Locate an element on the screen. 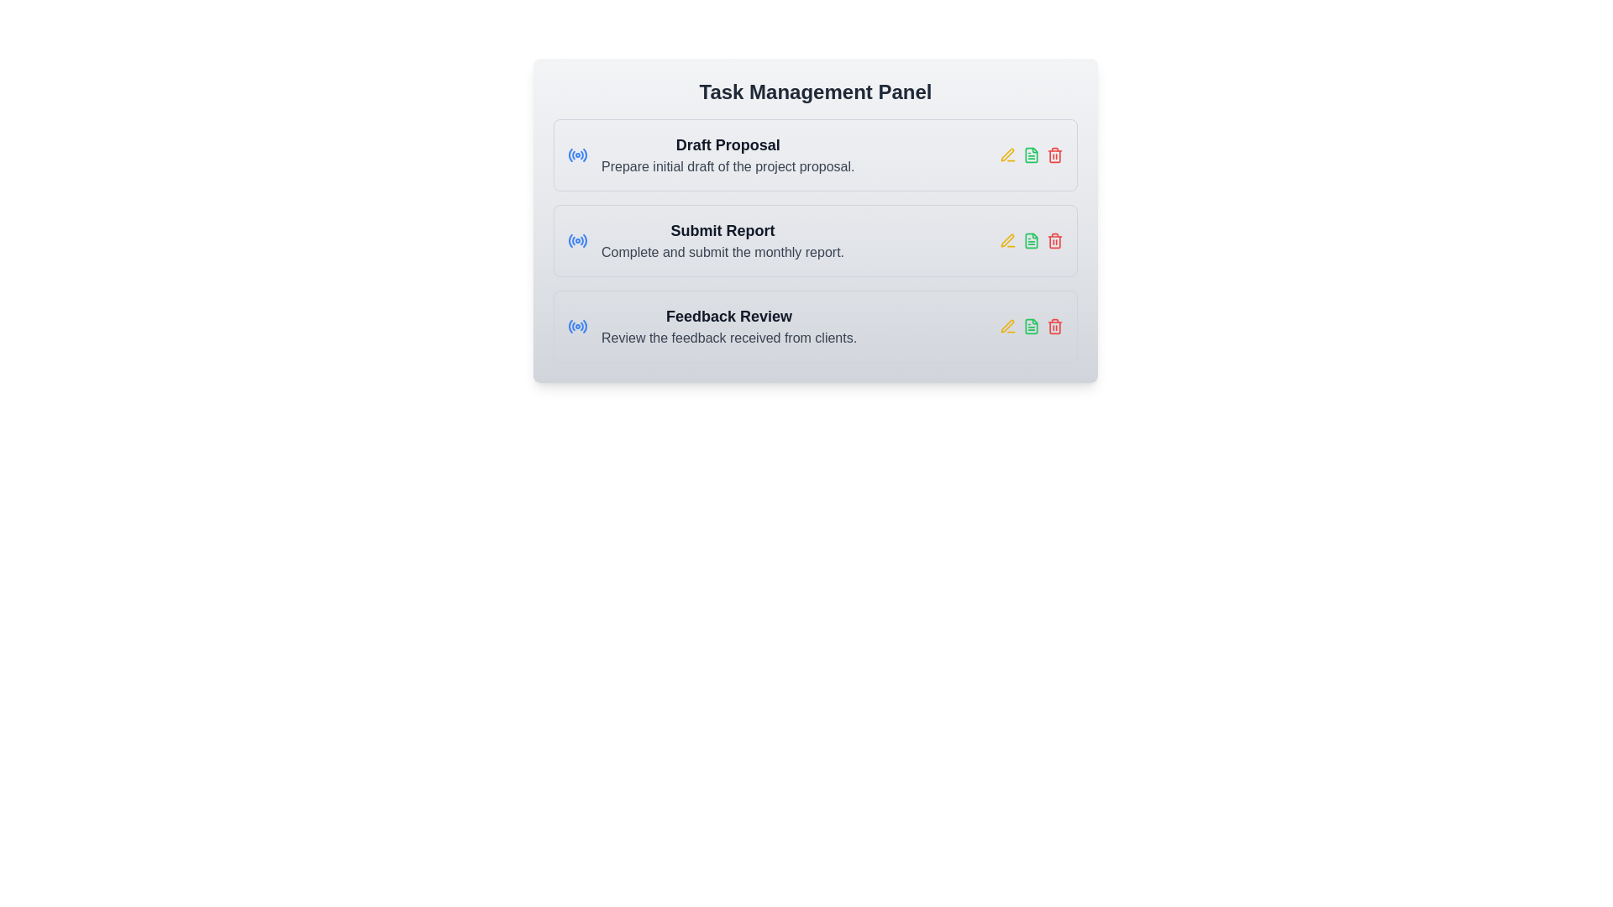  the icon in the 'Draft Proposal' section of the 'Task Management Panel' is located at coordinates (1031, 155).